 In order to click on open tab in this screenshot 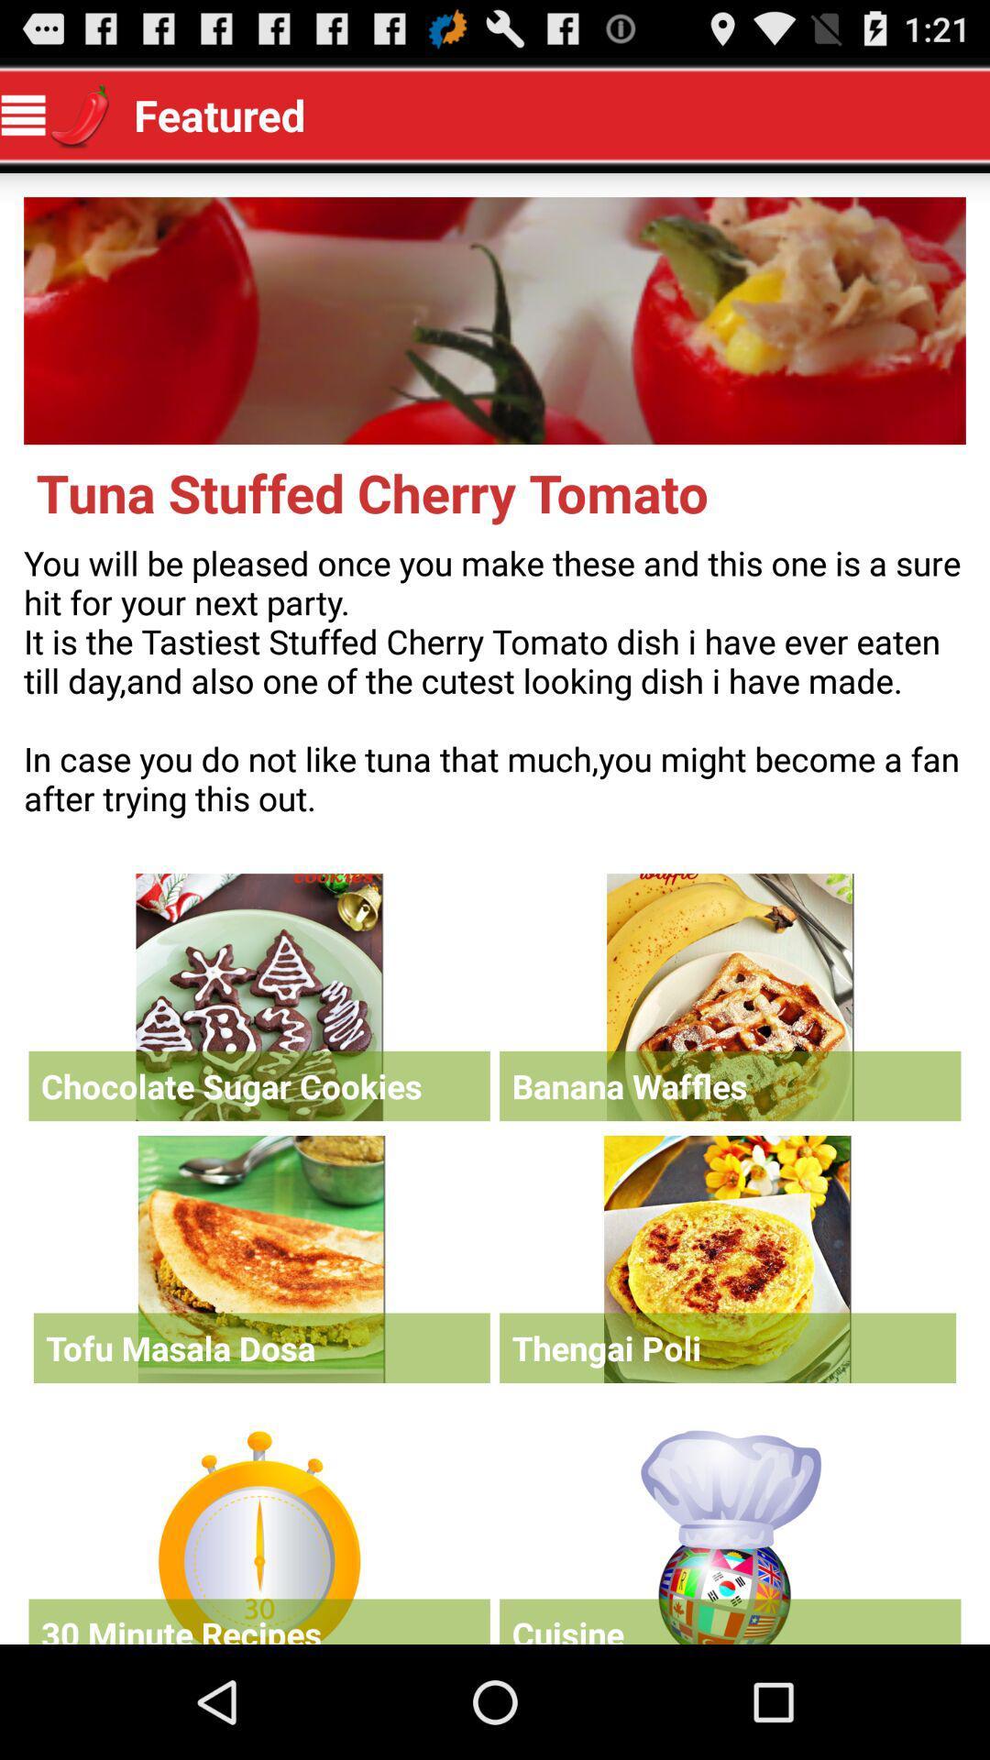, I will do `click(729, 1533)`.